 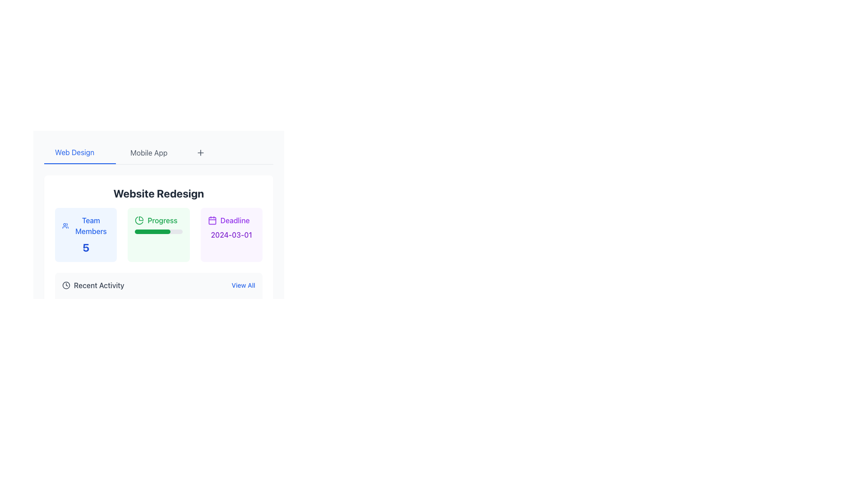 I want to click on the 'Mobile App' tab in the horizontal navigation bar, which is styled with gray text and located immediately to the right of the active 'Web Design' tab, so click(x=158, y=152).